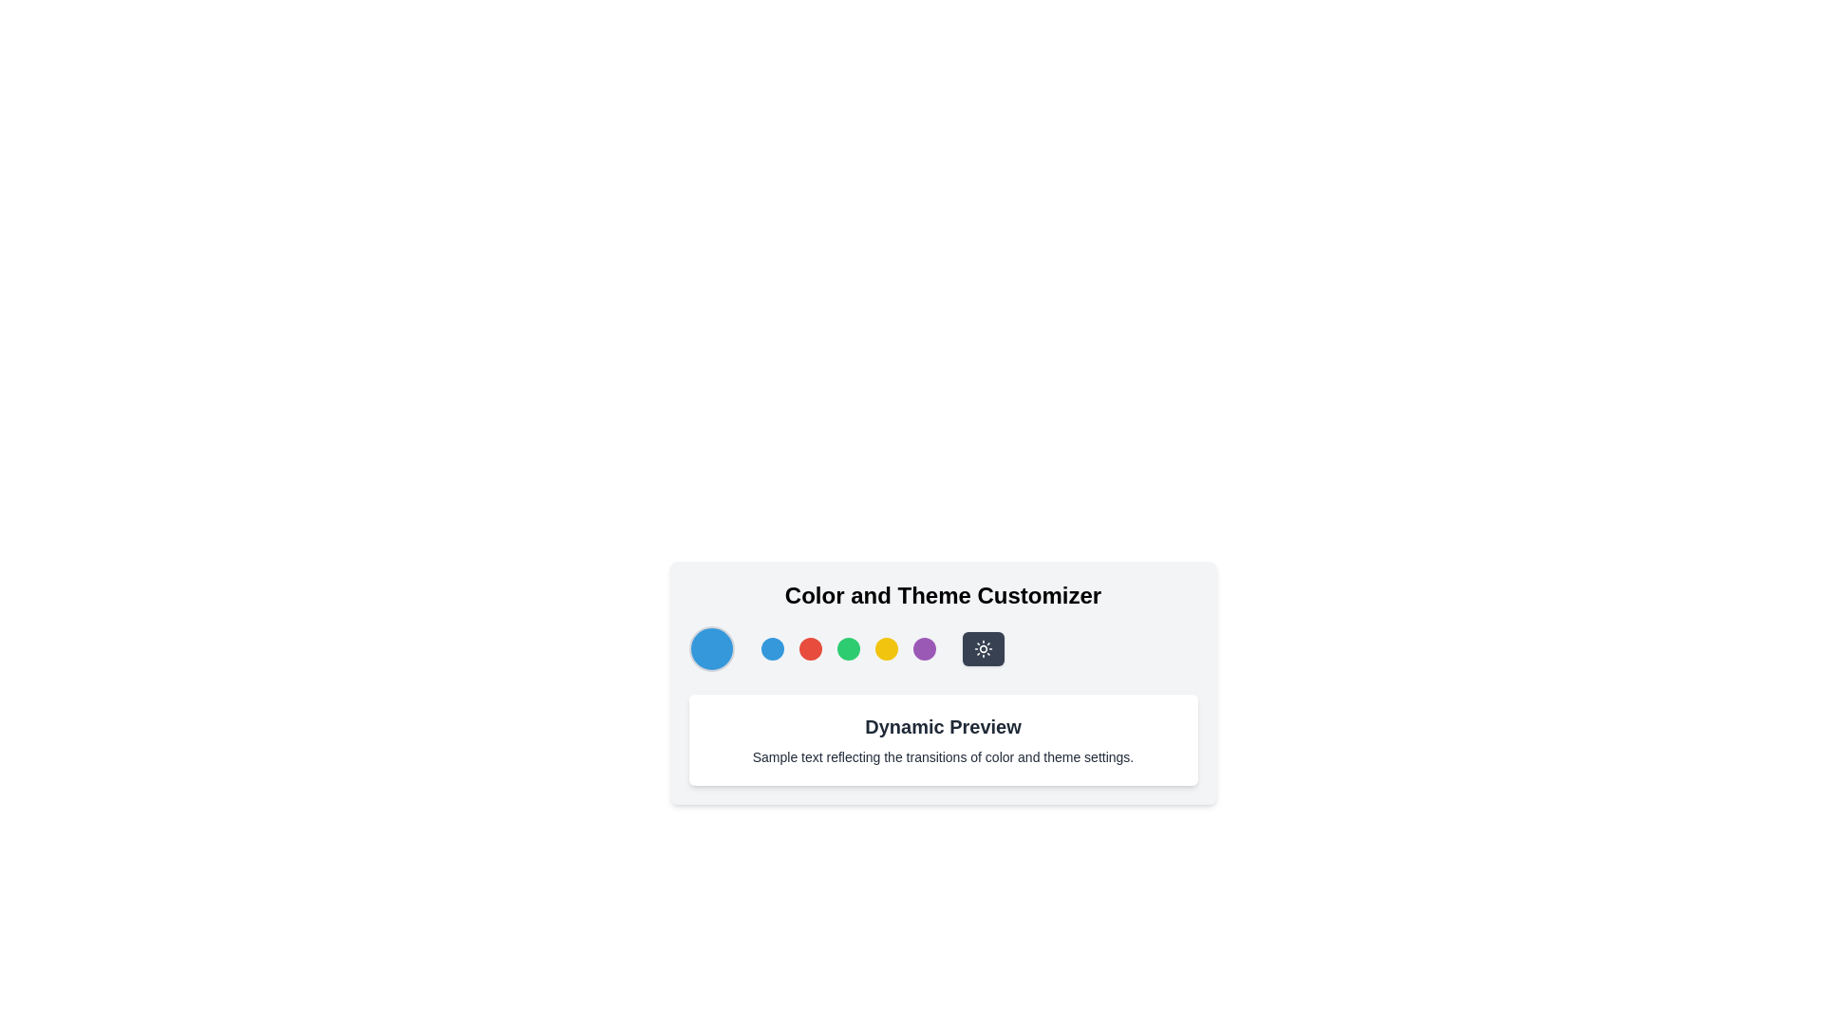  Describe the element at coordinates (810, 647) in the screenshot. I see `the second circular red button in the Color and Theme Customizer interface` at that location.